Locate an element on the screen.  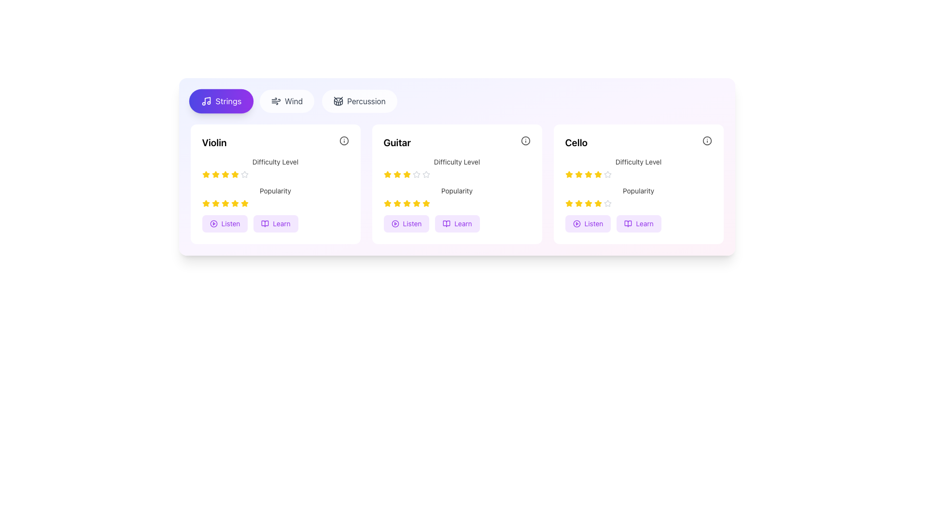
the first yellow star icon under the 'Difficulty Level' heading in the 'Violin' card to rate it is located at coordinates (205, 174).